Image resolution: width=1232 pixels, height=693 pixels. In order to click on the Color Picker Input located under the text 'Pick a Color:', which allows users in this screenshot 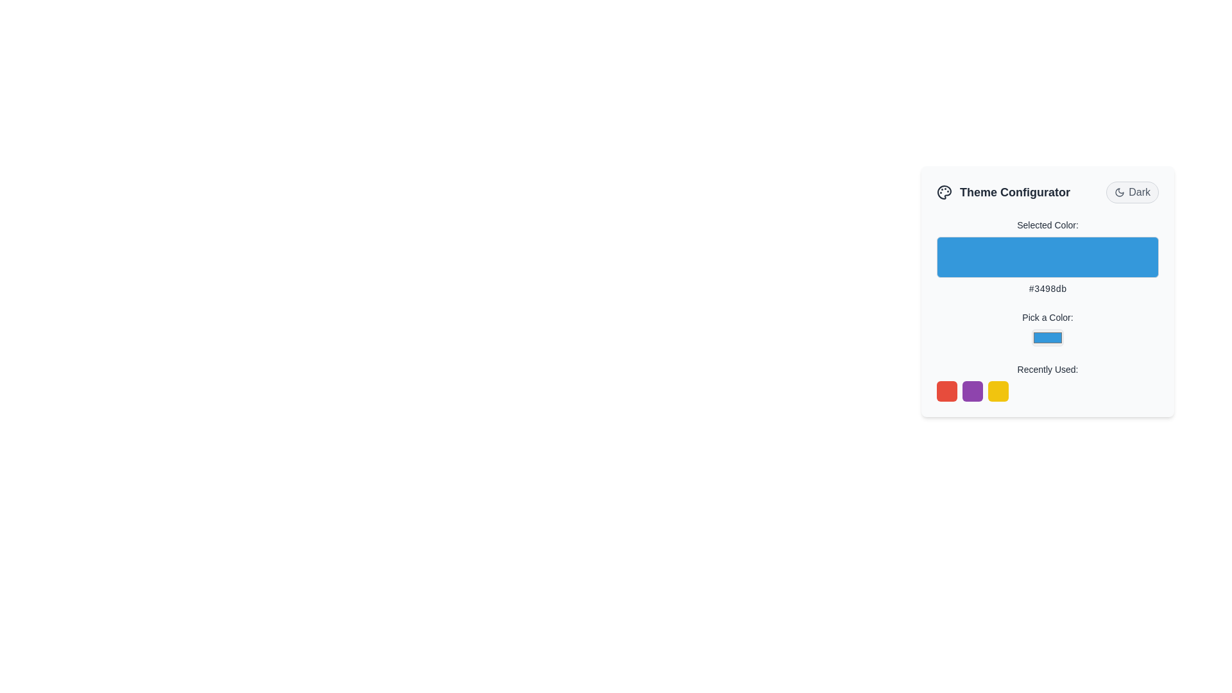, I will do `click(1047, 337)`.